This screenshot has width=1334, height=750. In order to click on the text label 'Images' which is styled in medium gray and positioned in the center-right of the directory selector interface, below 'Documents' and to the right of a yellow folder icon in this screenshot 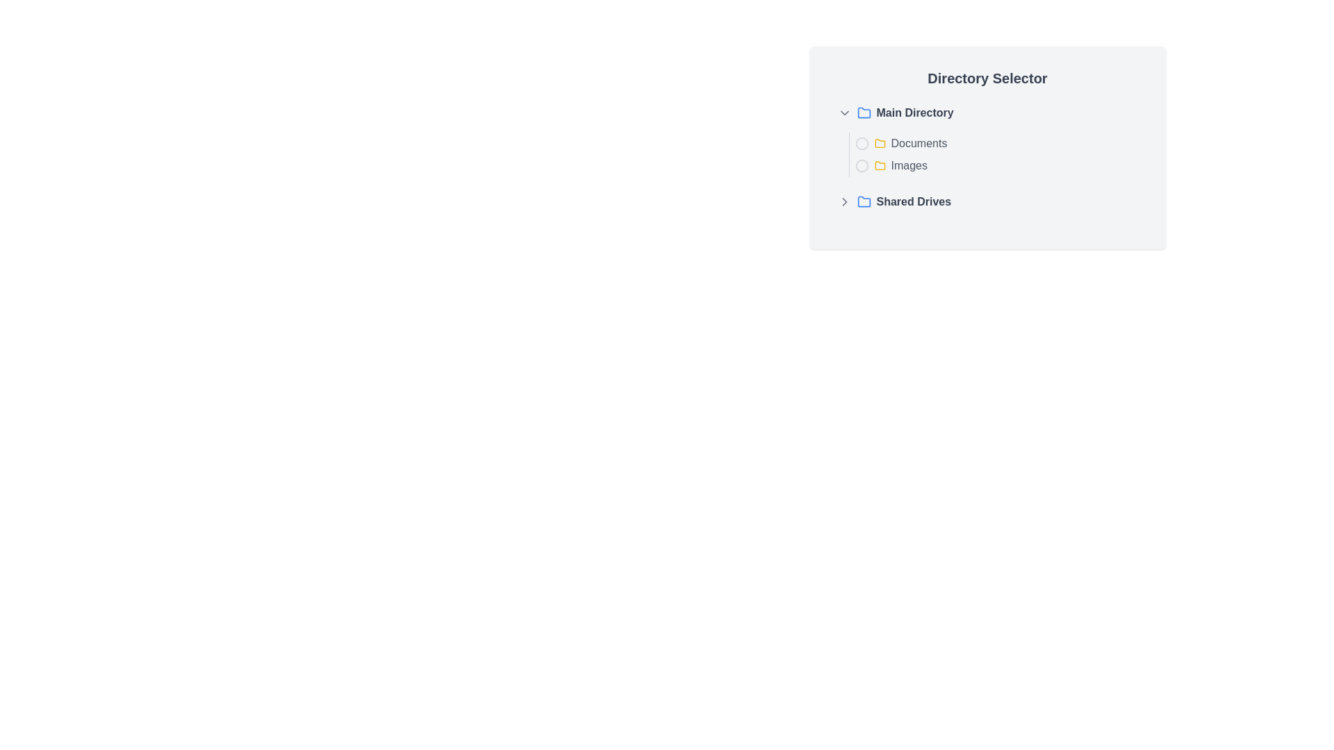, I will do `click(909, 165)`.